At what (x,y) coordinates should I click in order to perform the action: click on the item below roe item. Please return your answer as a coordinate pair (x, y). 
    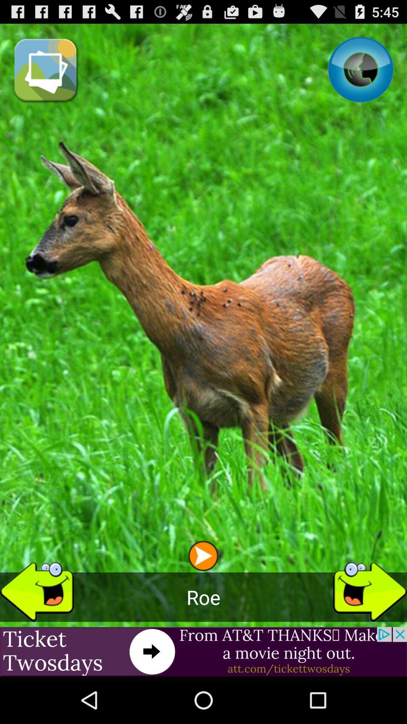
    Looking at the image, I should click on (203, 651).